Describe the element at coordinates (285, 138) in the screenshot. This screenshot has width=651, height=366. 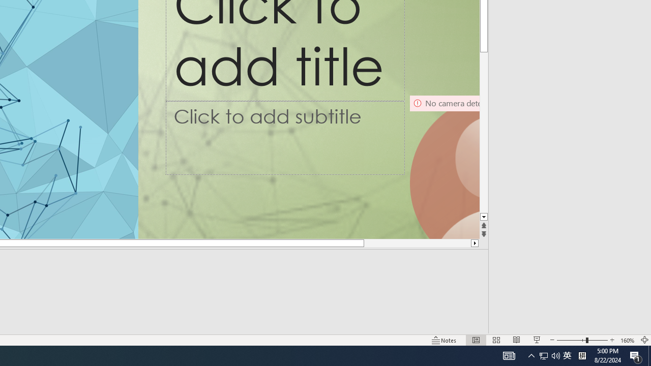
I see `'Subtitle TextBox'` at that location.